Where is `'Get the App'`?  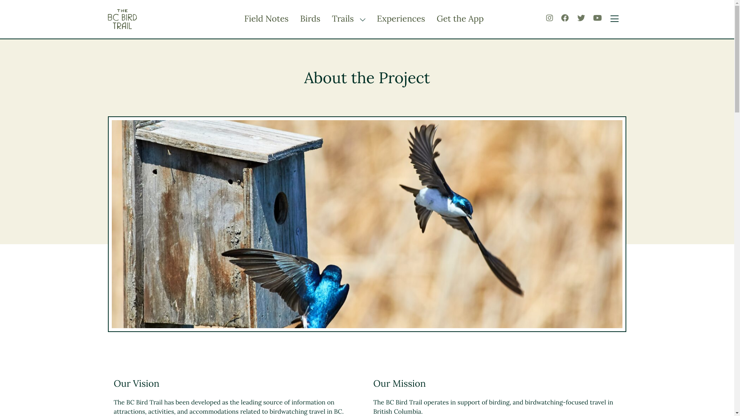
'Get the App' is located at coordinates (460, 18).